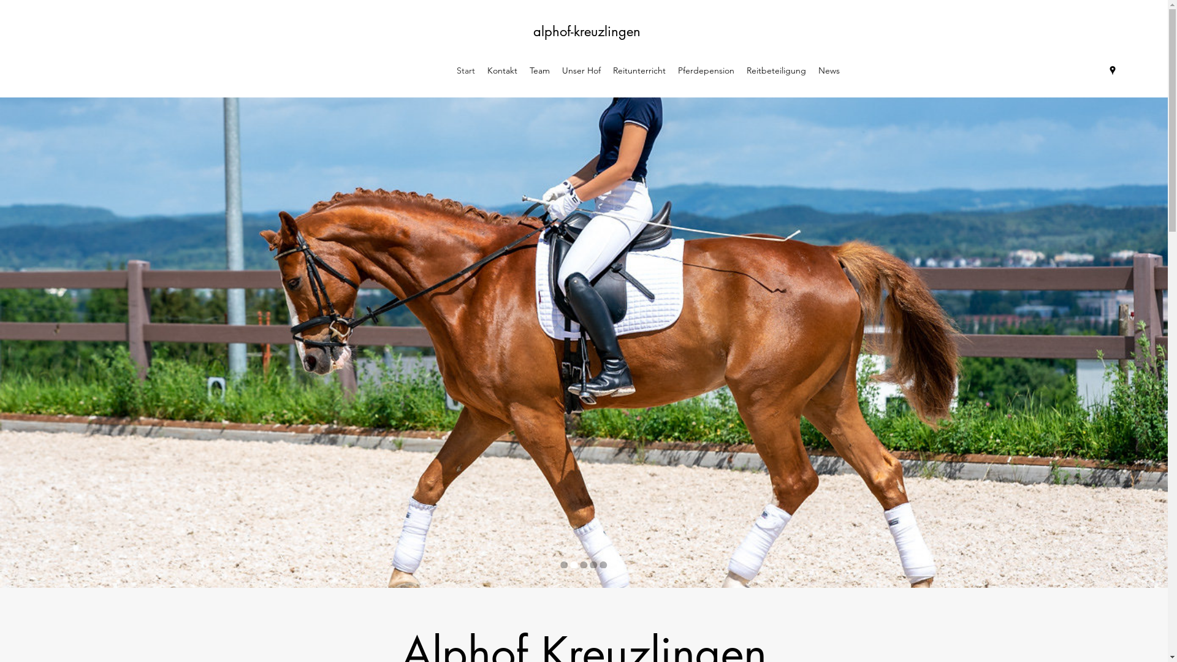 This screenshot has height=662, width=1177. I want to click on 'Start', so click(465, 70).